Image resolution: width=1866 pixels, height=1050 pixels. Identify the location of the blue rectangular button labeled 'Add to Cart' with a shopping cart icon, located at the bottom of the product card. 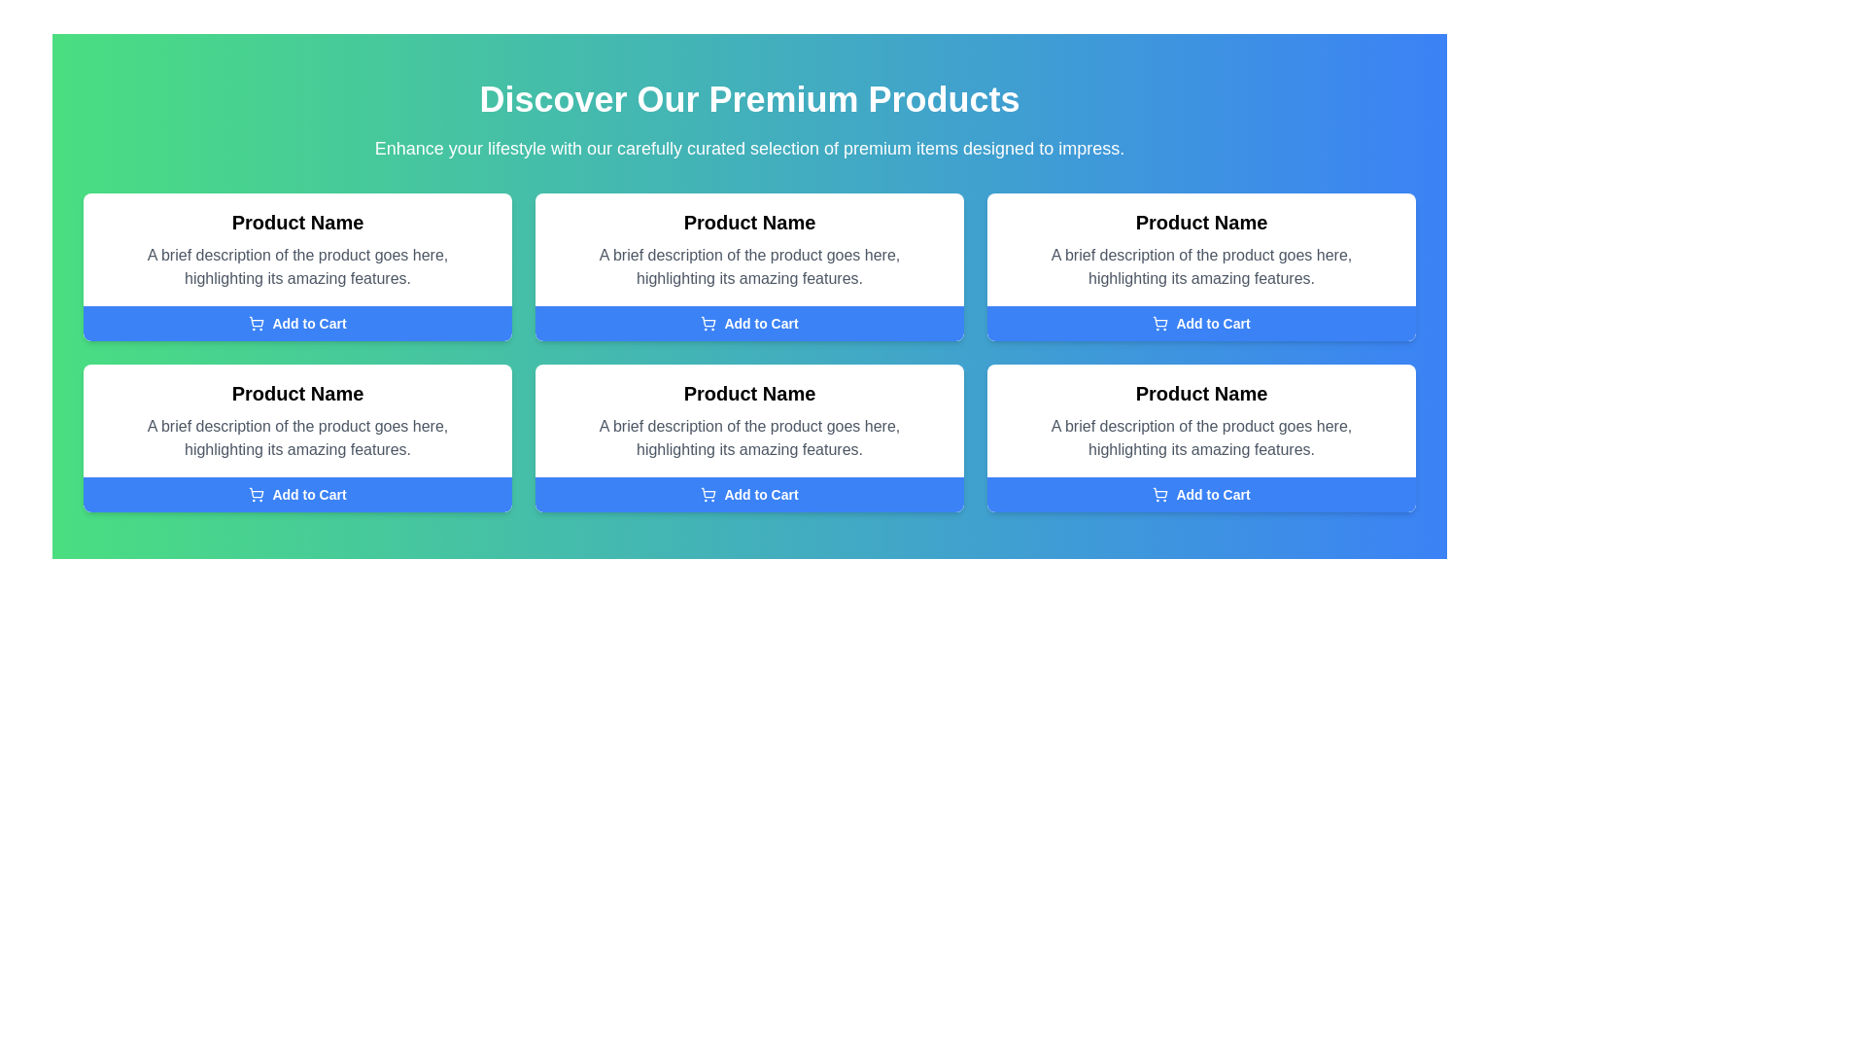
(1200, 322).